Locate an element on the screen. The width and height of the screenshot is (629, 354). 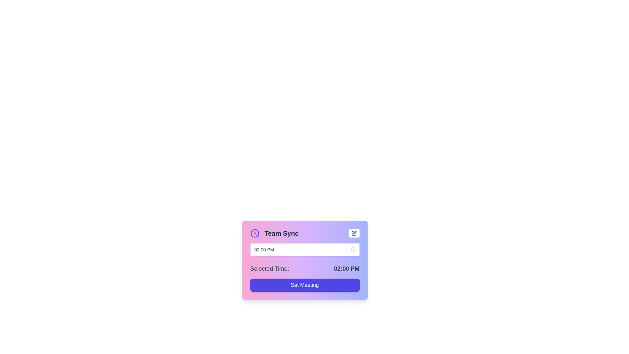
the icon button located in the top-right area of the panel, which features a pencil graphic indicating editing functionality is located at coordinates (353, 233).